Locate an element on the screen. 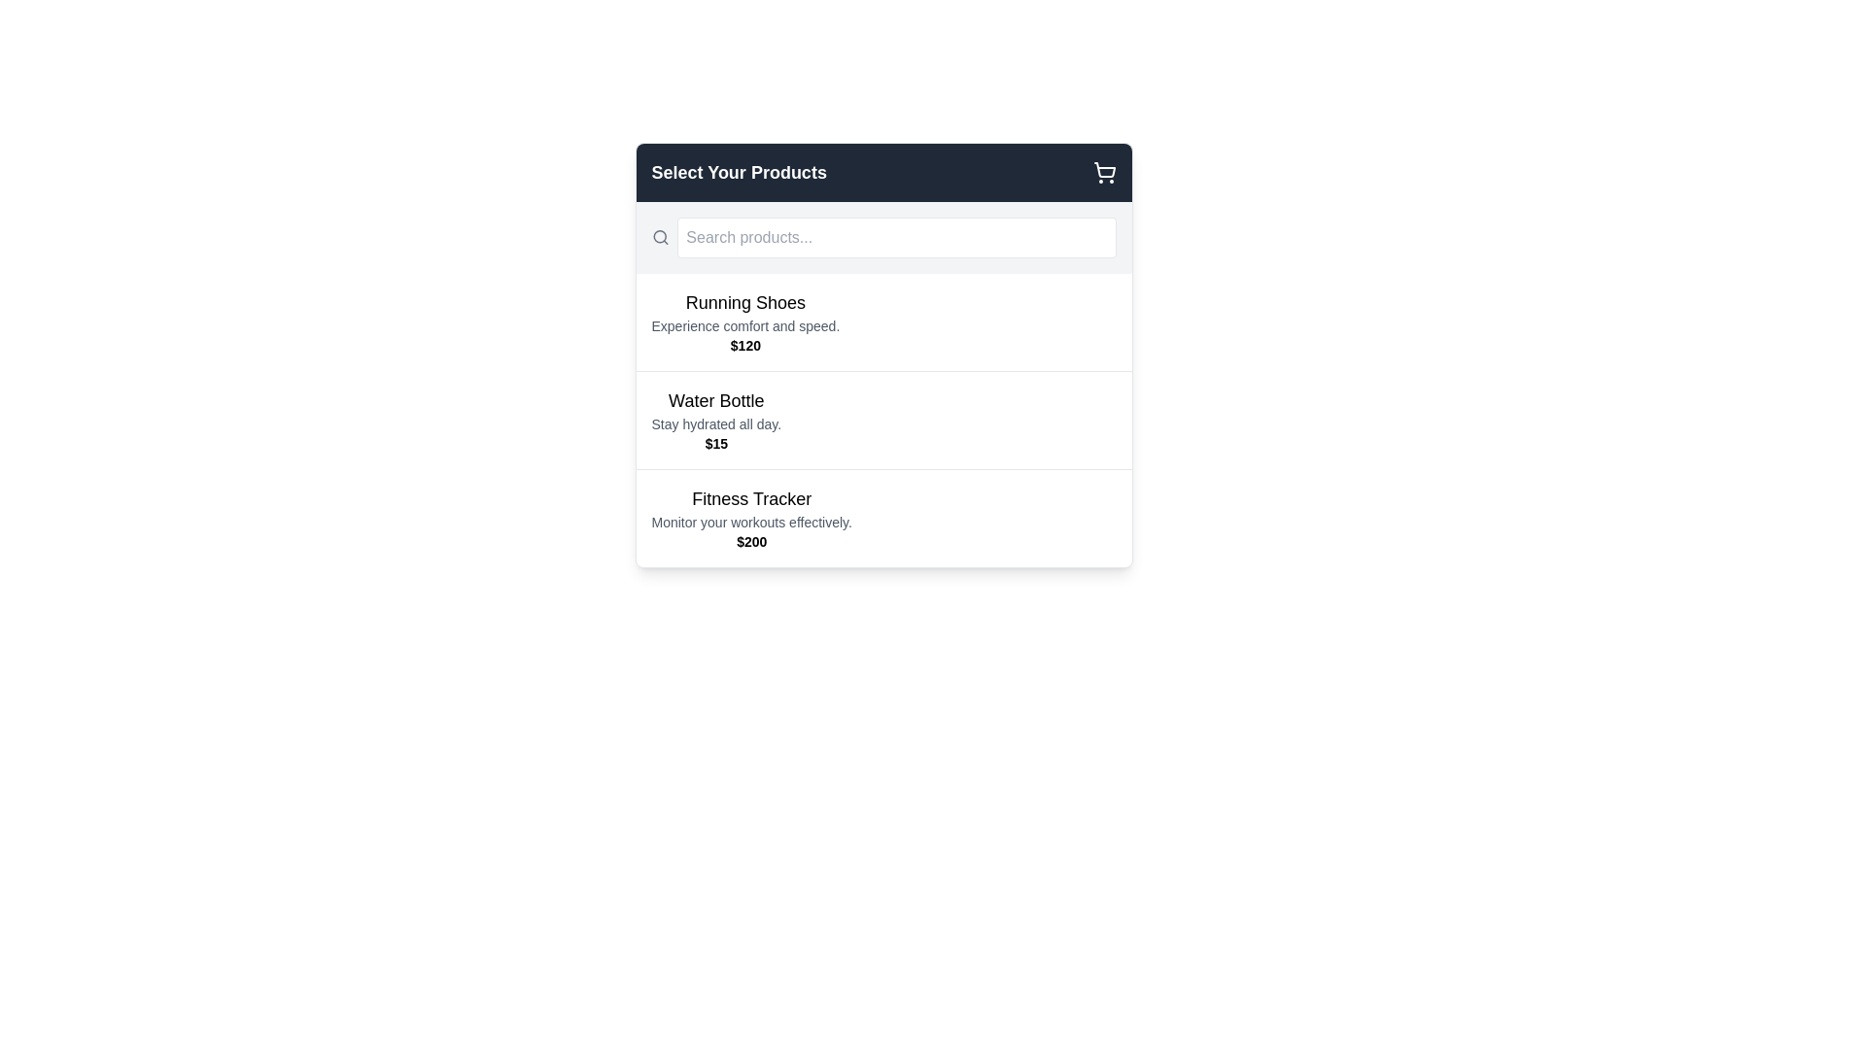 The height and width of the screenshot is (1049, 1866). the 'Running Shoes' text block is located at coordinates (744, 321).